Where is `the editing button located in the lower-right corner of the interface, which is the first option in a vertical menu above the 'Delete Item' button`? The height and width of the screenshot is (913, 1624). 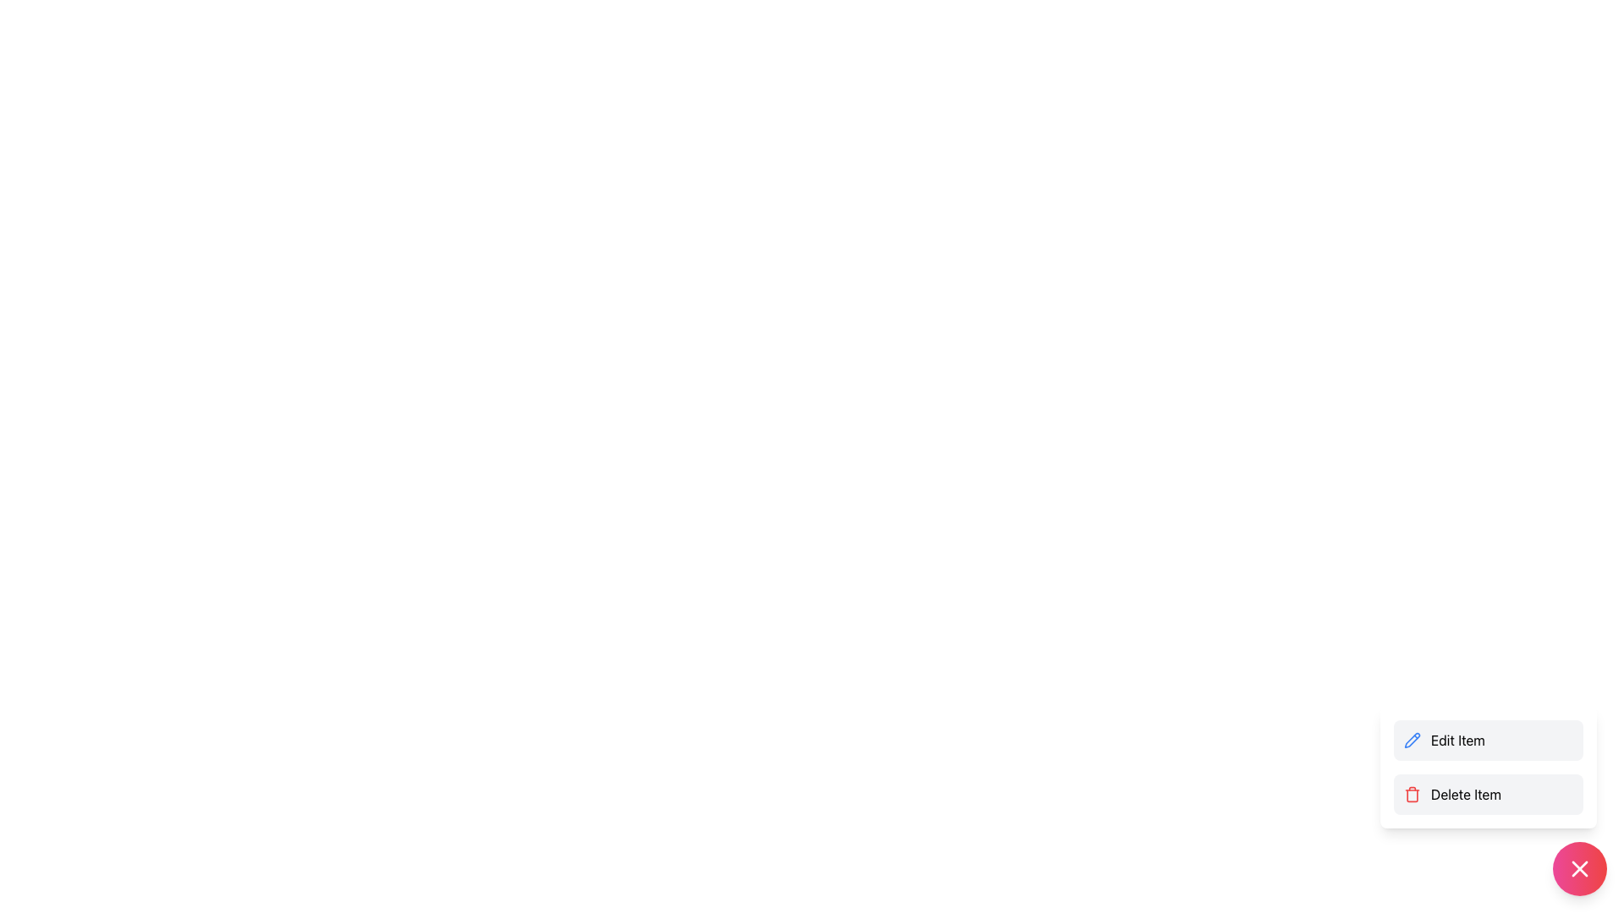 the editing button located in the lower-right corner of the interface, which is the first option in a vertical menu above the 'Delete Item' button is located at coordinates (1489, 739).